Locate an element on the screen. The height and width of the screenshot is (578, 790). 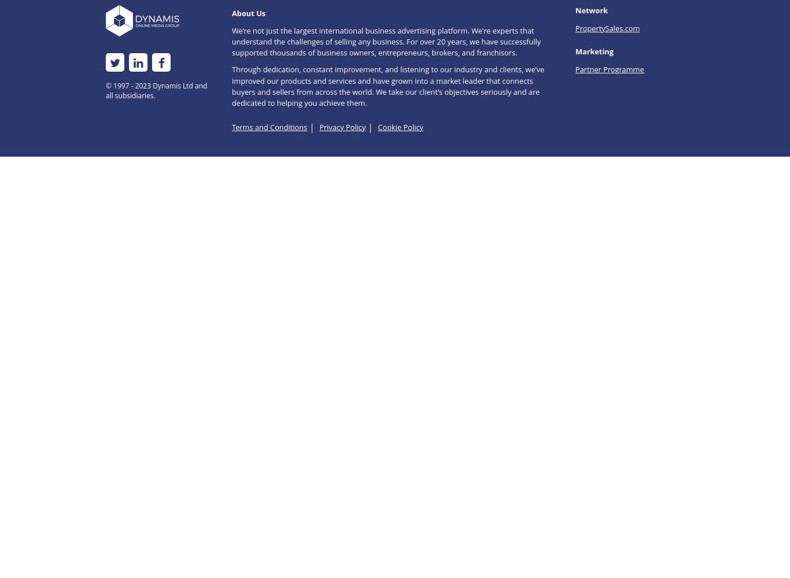
'Network' is located at coordinates (591, 10).